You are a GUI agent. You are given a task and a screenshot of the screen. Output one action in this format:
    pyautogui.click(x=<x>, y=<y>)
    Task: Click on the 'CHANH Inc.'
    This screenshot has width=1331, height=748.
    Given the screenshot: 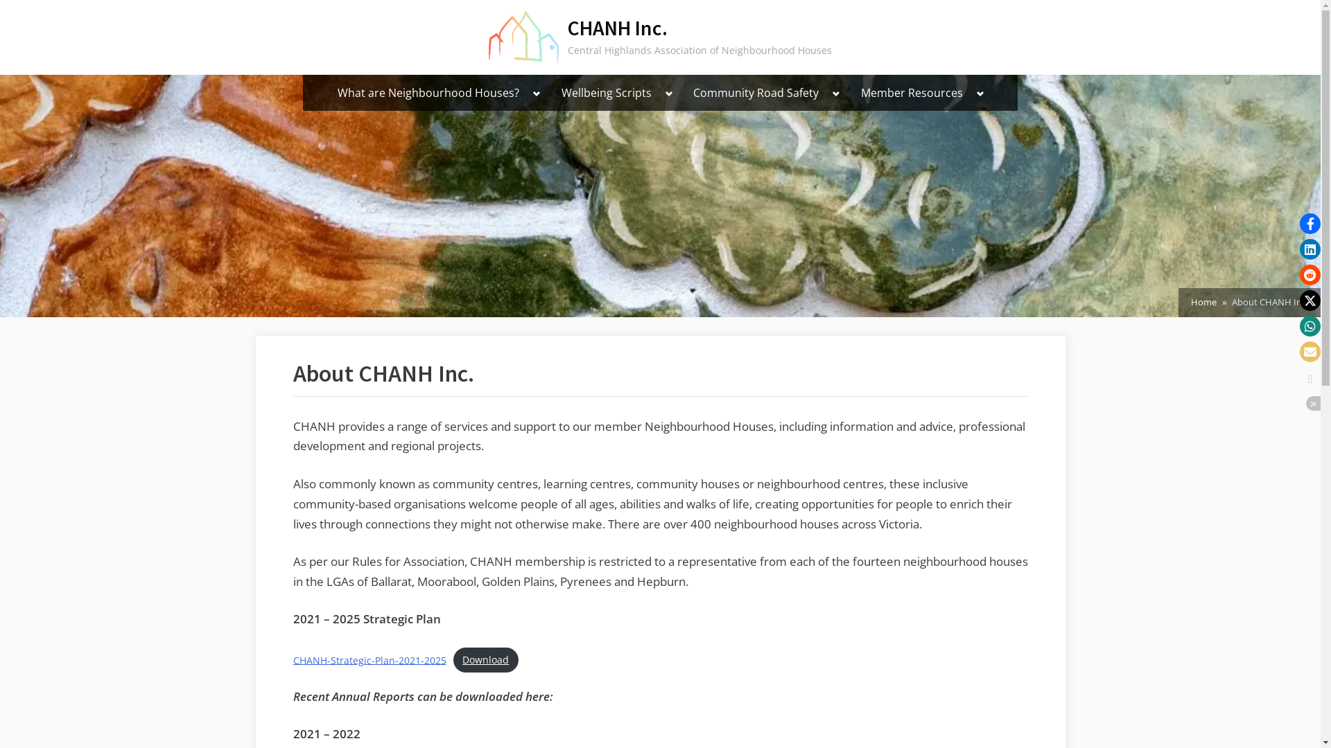 What is the action you would take?
    pyautogui.click(x=617, y=28)
    